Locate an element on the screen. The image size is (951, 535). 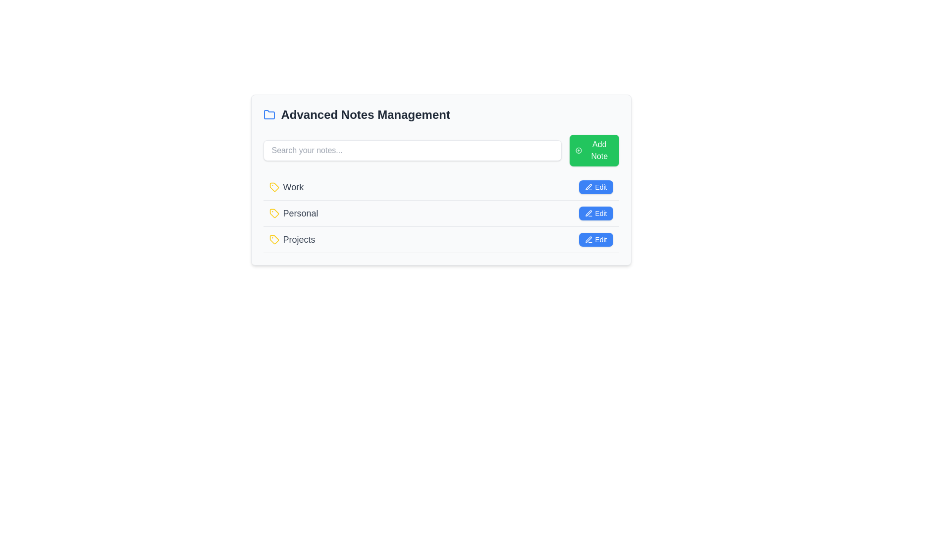
the yellow tag or label icon positioned next to the 'Personal' entry in the notes categories list is located at coordinates (274, 213).